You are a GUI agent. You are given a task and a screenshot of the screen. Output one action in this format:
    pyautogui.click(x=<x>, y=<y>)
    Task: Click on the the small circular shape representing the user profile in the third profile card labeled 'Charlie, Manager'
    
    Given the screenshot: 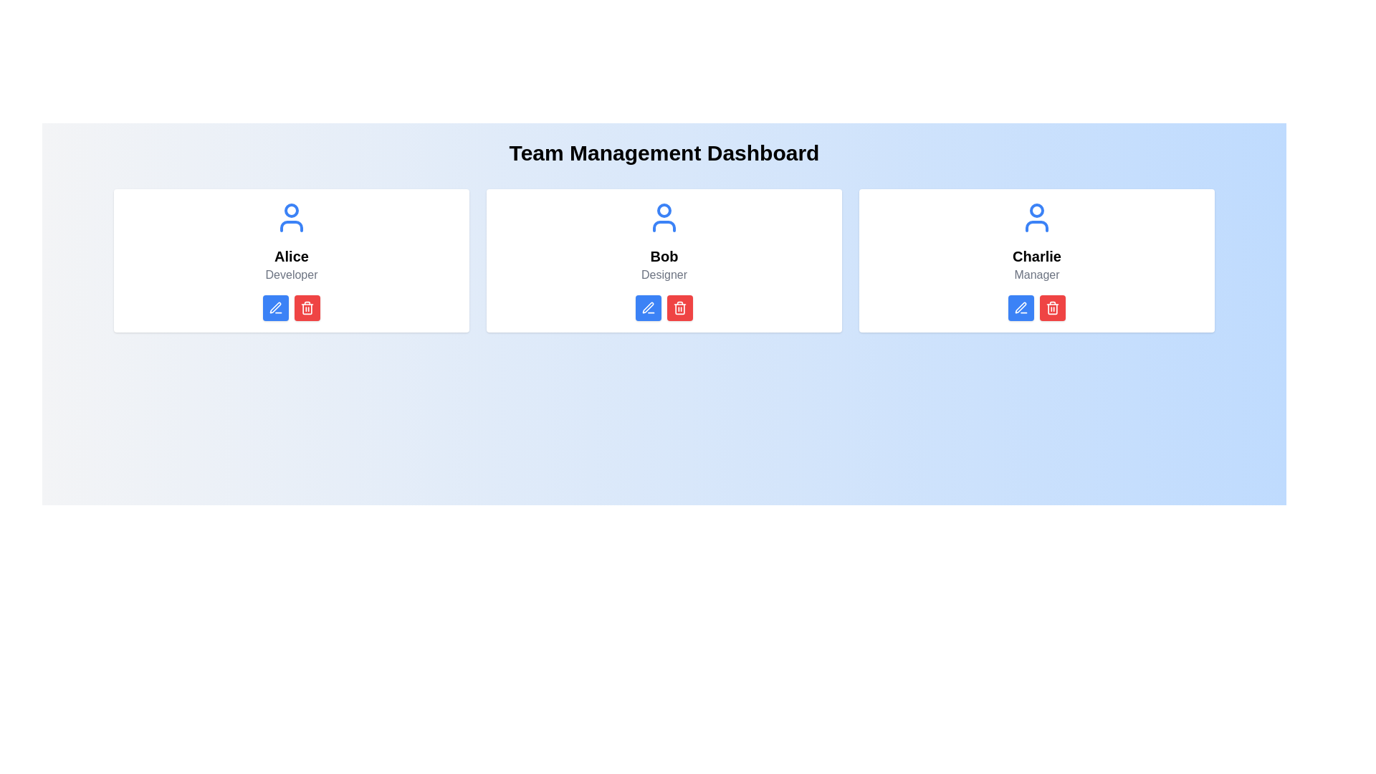 What is the action you would take?
    pyautogui.click(x=1036, y=210)
    